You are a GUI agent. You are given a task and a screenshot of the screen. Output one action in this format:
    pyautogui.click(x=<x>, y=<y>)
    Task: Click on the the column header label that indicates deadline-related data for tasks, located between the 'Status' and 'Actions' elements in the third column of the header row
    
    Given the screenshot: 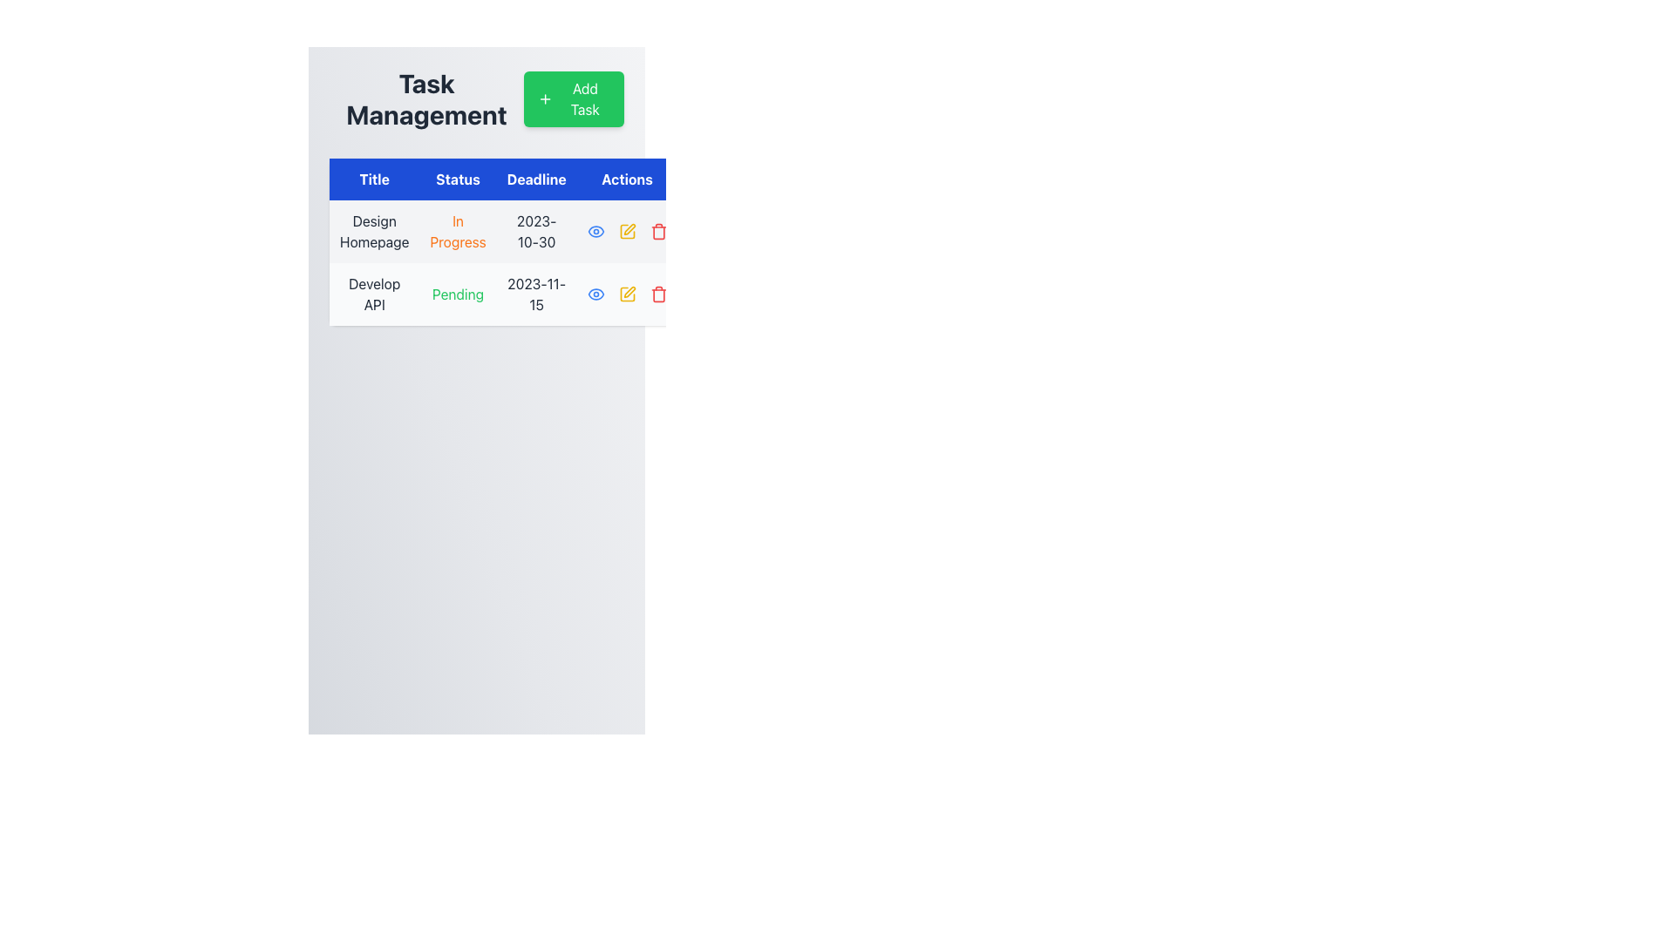 What is the action you would take?
    pyautogui.click(x=535, y=179)
    